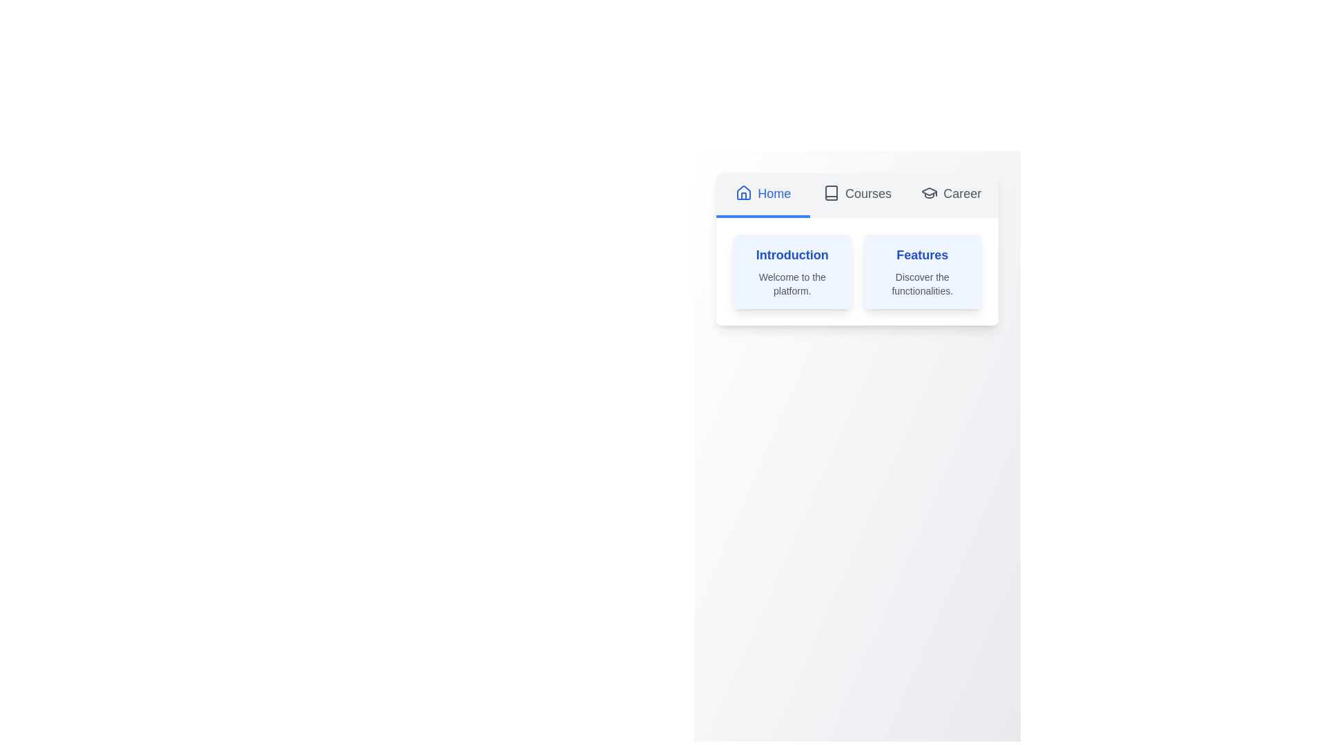  Describe the element at coordinates (930, 193) in the screenshot. I see `the graduation cap icon in the navigation bar` at that location.